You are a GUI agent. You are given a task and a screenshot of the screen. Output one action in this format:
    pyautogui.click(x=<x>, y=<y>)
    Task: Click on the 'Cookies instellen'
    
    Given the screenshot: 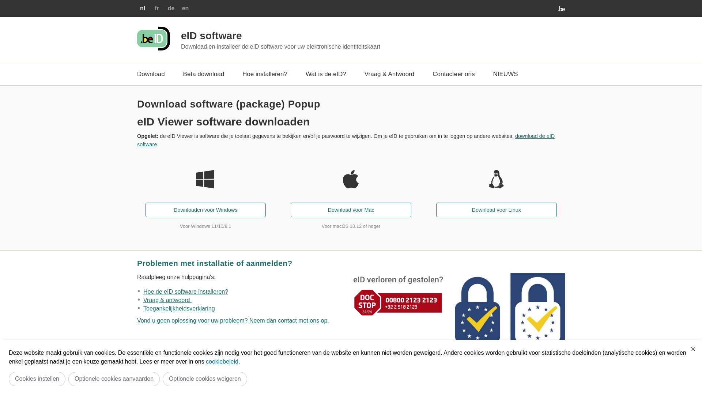 What is the action you would take?
    pyautogui.click(x=37, y=379)
    